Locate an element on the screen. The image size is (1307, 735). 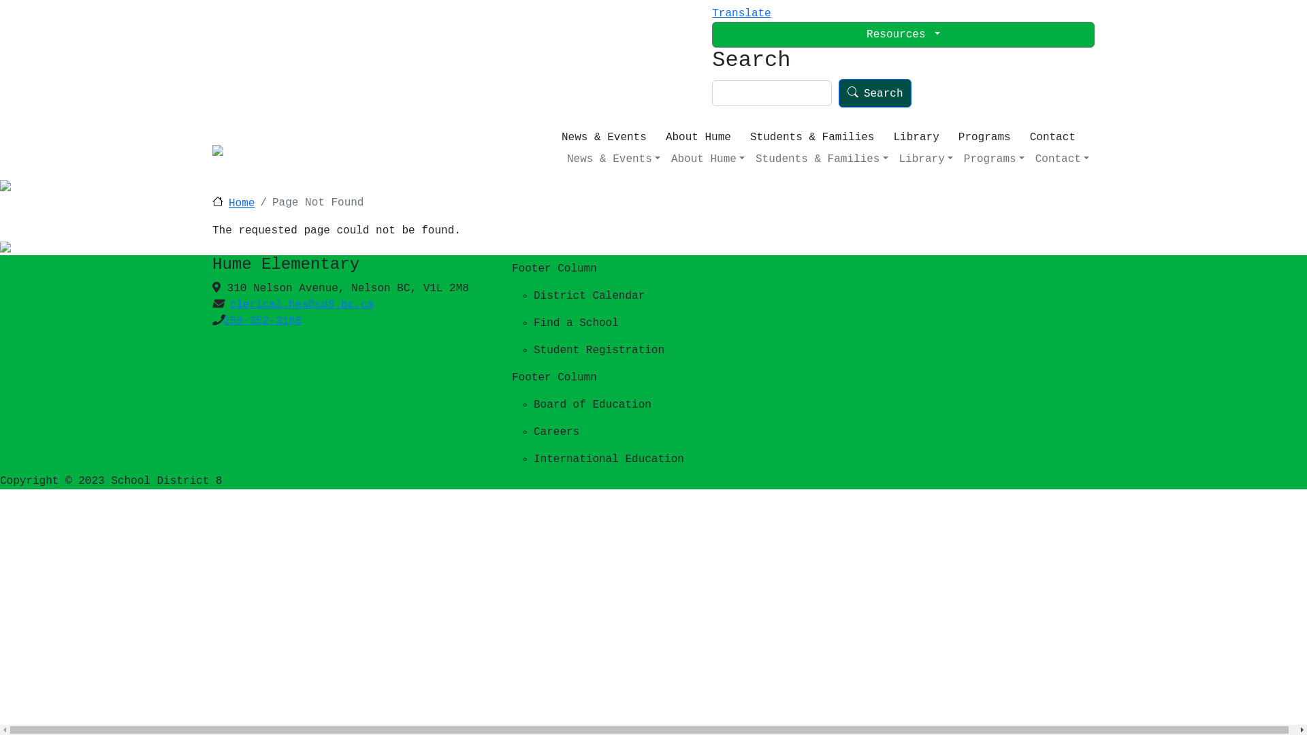
'250-352-3186' is located at coordinates (262, 321).